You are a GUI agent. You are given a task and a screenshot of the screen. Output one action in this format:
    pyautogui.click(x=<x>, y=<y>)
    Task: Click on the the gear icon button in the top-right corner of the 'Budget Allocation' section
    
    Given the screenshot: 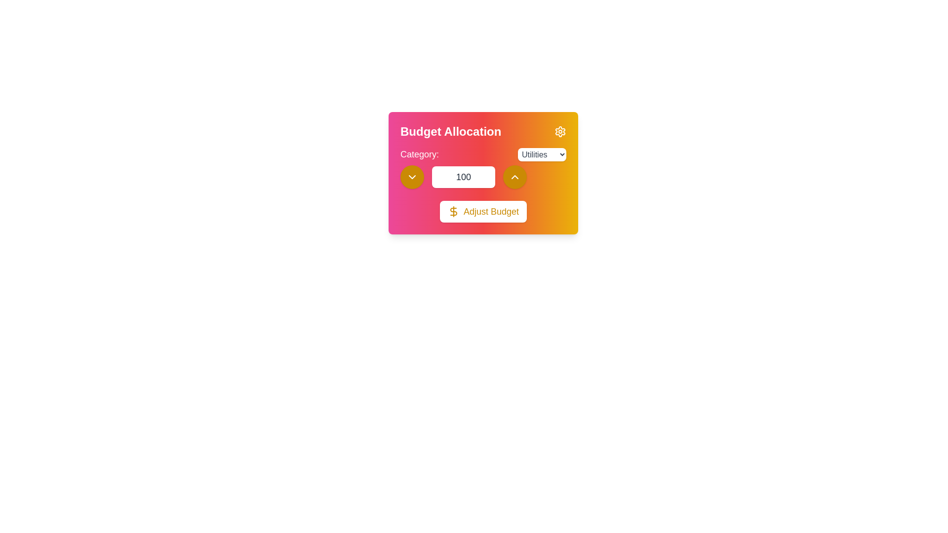 What is the action you would take?
    pyautogui.click(x=560, y=131)
    